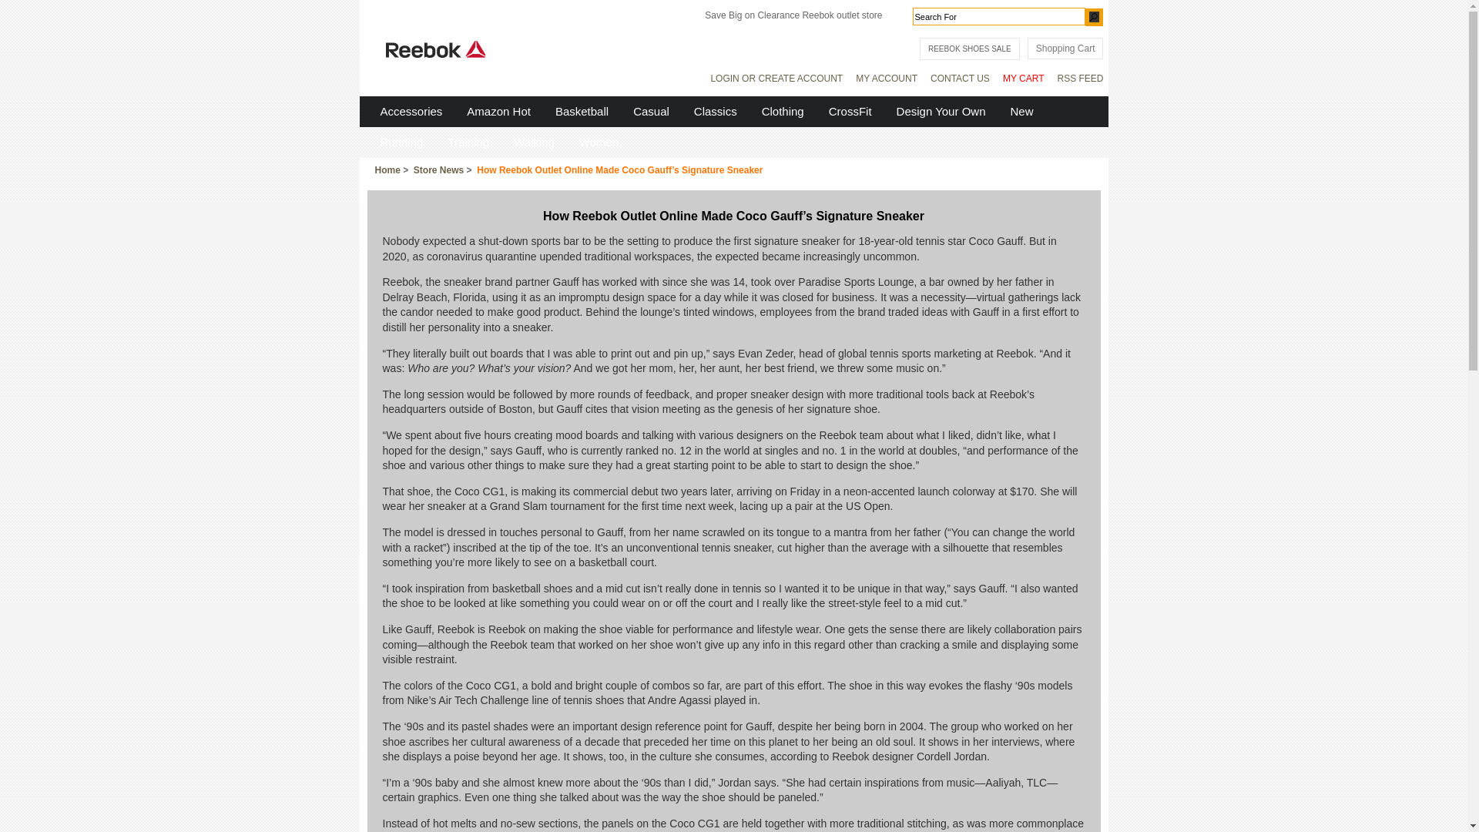  What do you see at coordinates (387, 169) in the screenshot?
I see `'Home'` at bounding box center [387, 169].